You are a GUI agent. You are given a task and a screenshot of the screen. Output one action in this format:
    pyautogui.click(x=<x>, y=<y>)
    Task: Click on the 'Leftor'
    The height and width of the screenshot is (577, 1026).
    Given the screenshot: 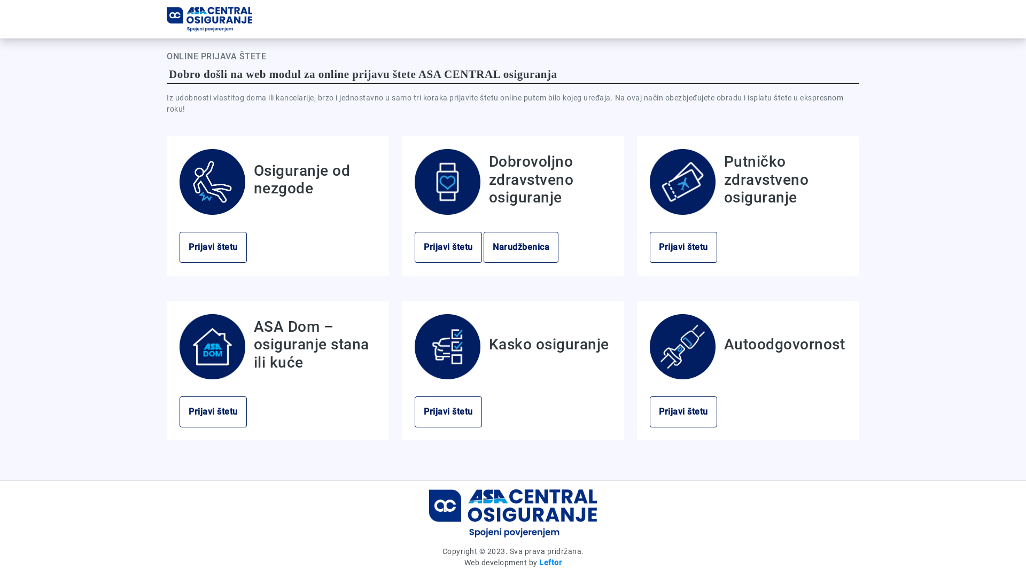 What is the action you would take?
    pyautogui.click(x=550, y=562)
    